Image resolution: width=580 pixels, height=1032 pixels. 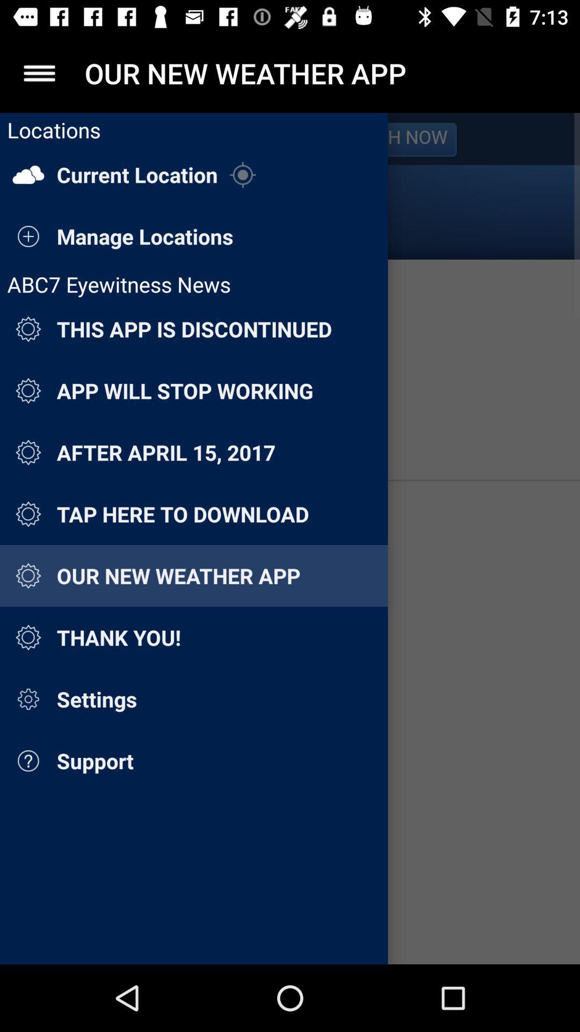 I want to click on the menu icon, so click(x=39, y=73).